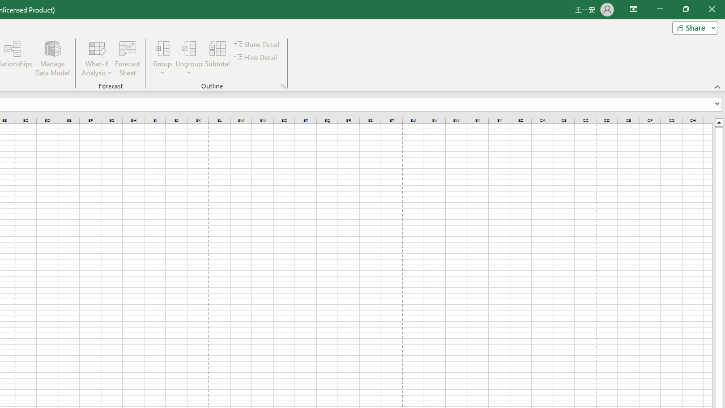 The width and height of the screenshot is (725, 408). Describe the element at coordinates (97, 58) in the screenshot. I see `'What-If Analysis'` at that location.